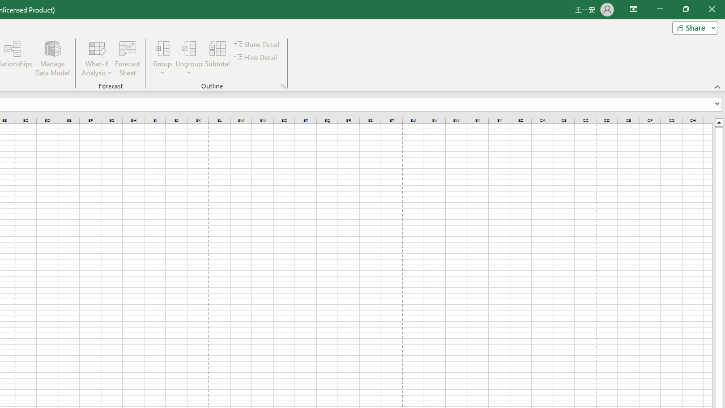 The width and height of the screenshot is (725, 408). Describe the element at coordinates (97, 58) in the screenshot. I see `'What-If Analysis'` at that location.